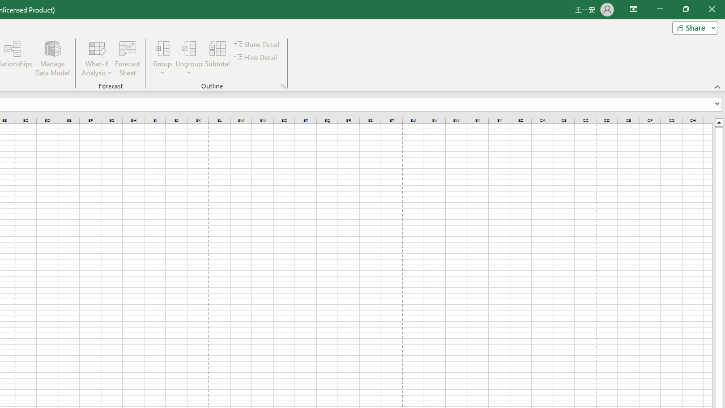 The width and height of the screenshot is (725, 408). Describe the element at coordinates (97, 58) in the screenshot. I see `'What-If Analysis'` at that location.